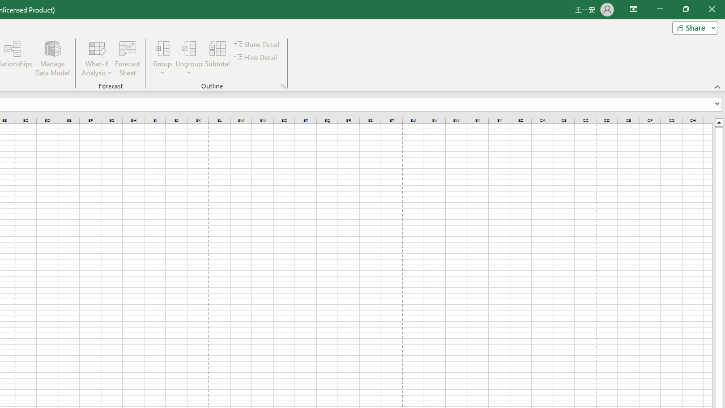 The width and height of the screenshot is (725, 408). Describe the element at coordinates (97, 58) in the screenshot. I see `'What-If Analysis'` at that location.